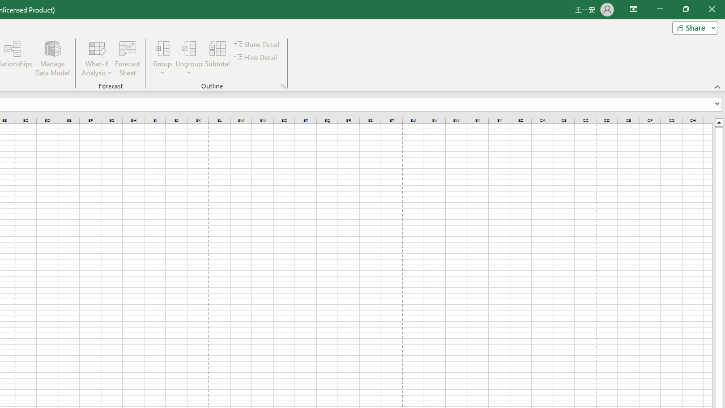 The width and height of the screenshot is (725, 408). Describe the element at coordinates (97, 58) in the screenshot. I see `'What-If Analysis'` at that location.